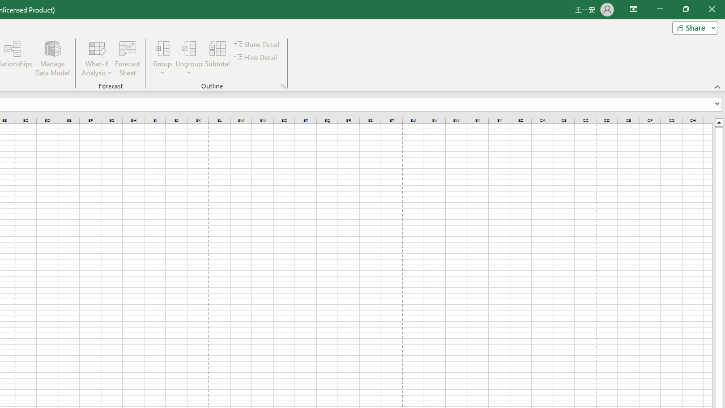 The width and height of the screenshot is (725, 408). Describe the element at coordinates (97, 58) in the screenshot. I see `'What-If Analysis'` at that location.